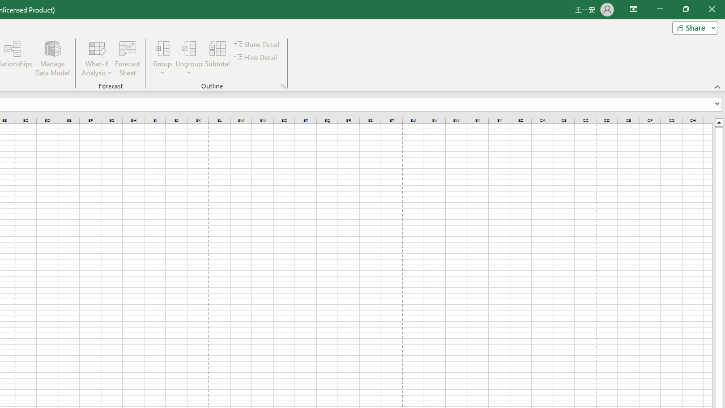 The width and height of the screenshot is (725, 408). Describe the element at coordinates (97, 58) in the screenshot. I see `'What-If Analysis'` at that location.